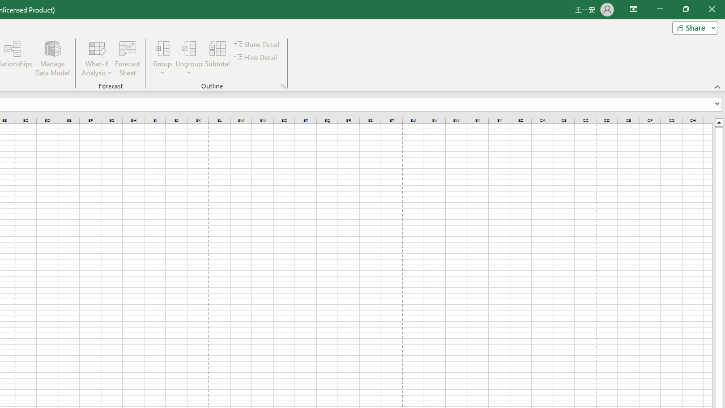 The width and height of the screenshot is (725, 408). Describe the element at coordinates (97, 58) in the screenshot. I see `'What-If Analysis'` at that location.